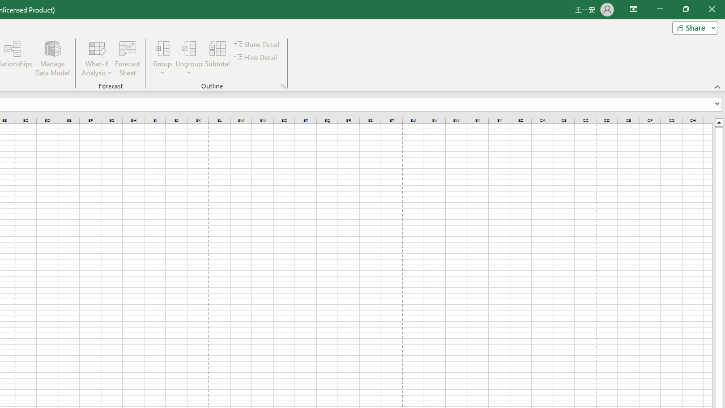 The width and height of the screenshot is (725, 408). Describe the element at coordinates (97, 58) in the screenshot. I see `'What-If Analysis'` at that location.